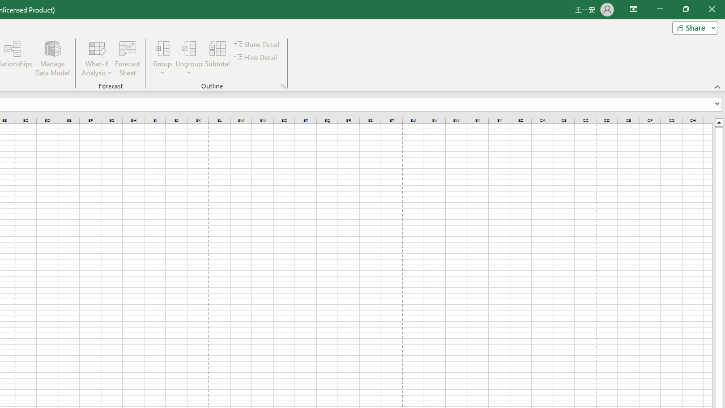 The width and height of the screenshot is (725, 408). Describe the element at coordinates (97, 58) in the screenshot. I see `'What-If Analysis'` at that location.